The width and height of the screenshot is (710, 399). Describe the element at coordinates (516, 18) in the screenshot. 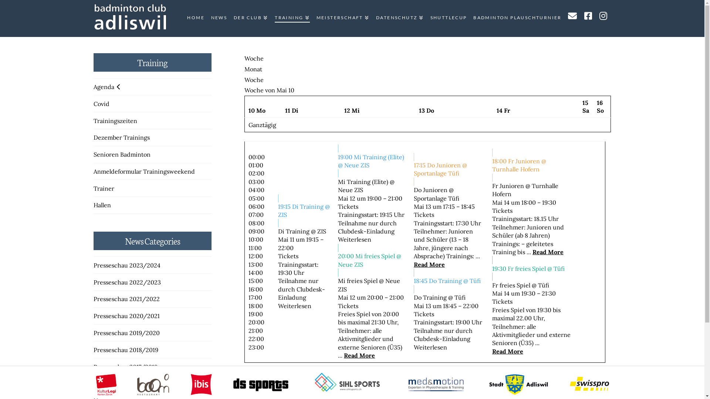

I see `'BADMINTON PLAUSCHTURNIER'` at that location.